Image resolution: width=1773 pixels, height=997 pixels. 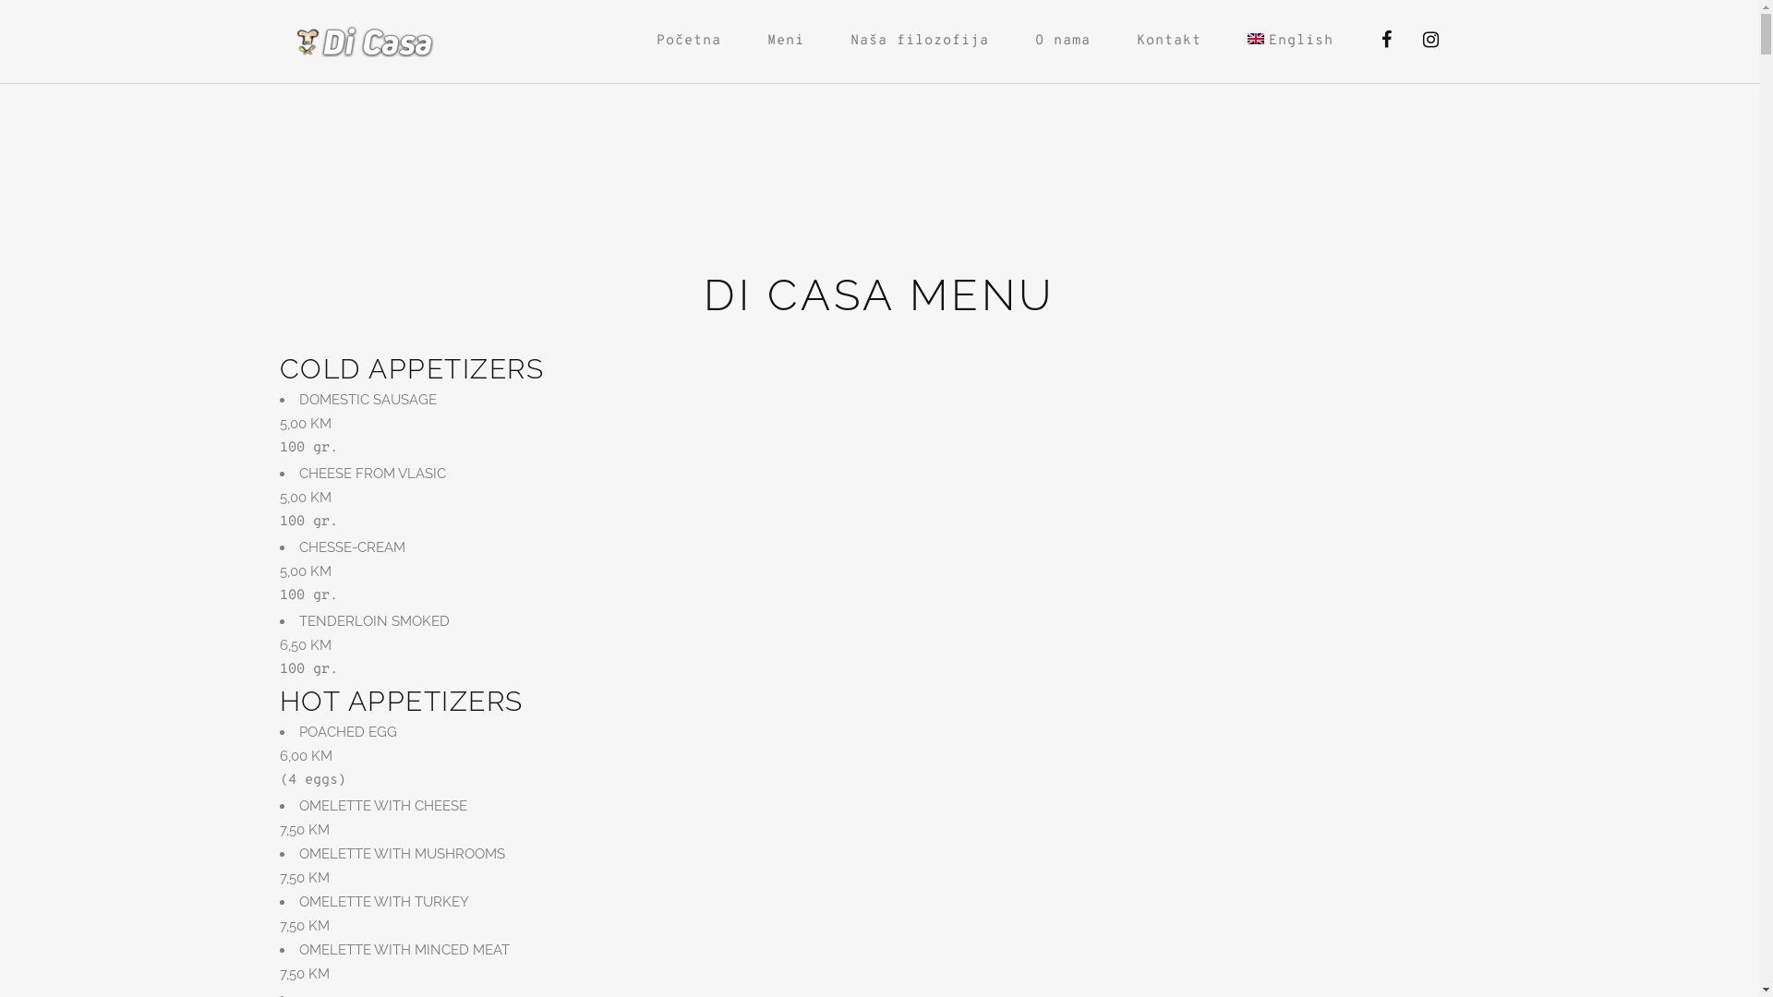 I want to click on 'English', so click(x=1255, y=39).